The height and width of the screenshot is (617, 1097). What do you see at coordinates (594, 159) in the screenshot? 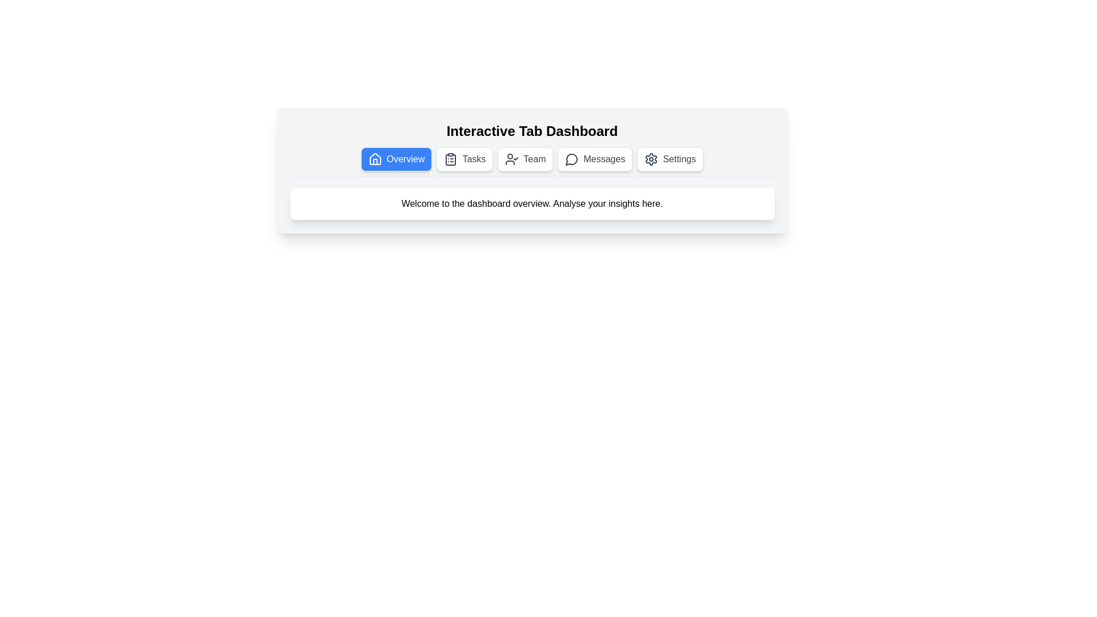
I see `the 'Messages' button, which is the fourth button in the menu bar` at bounding box center [594, 159].